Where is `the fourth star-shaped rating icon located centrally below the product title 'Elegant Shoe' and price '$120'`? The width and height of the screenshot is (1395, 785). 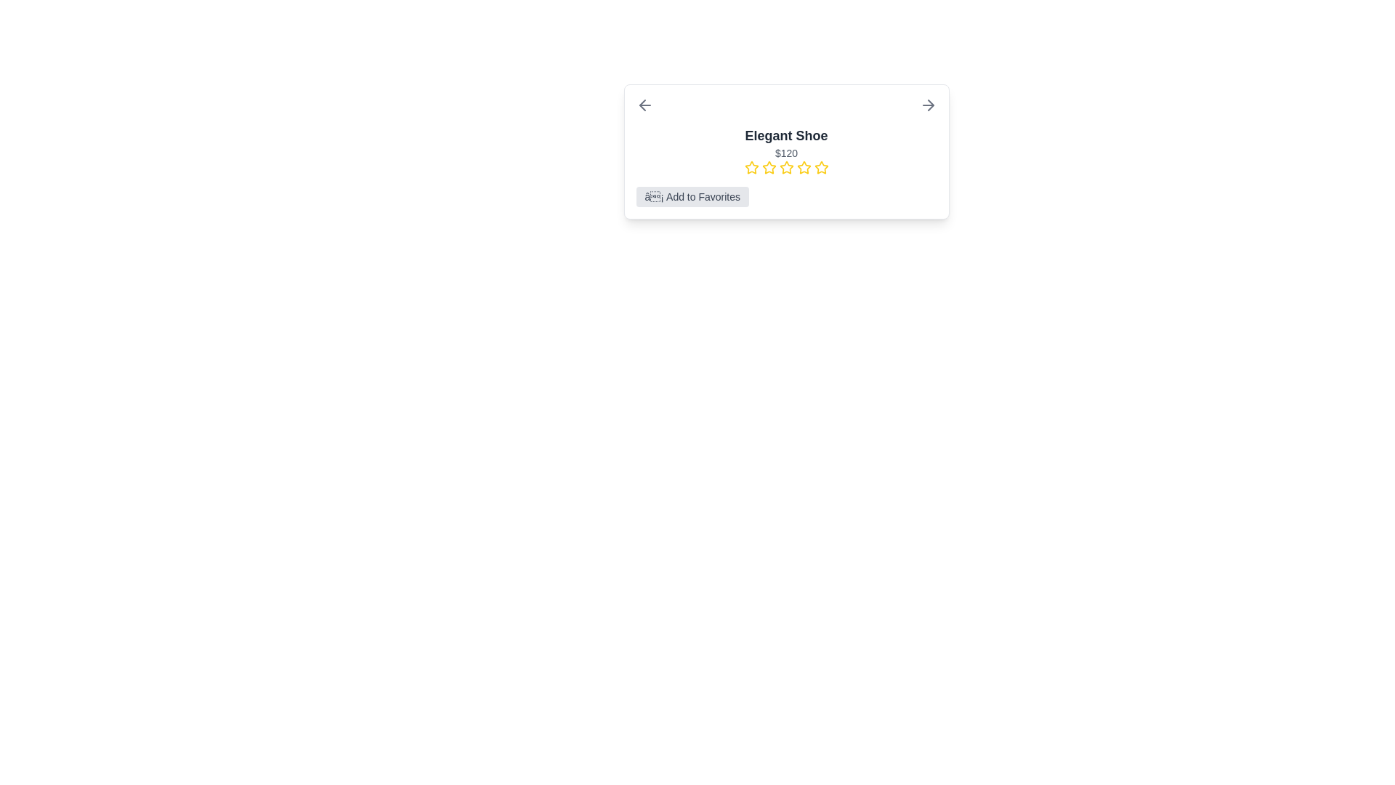
the fourth star-shaped rating icon located centrally below the product title 'Elegant Shoe' and price '$120' is located at coordinates (803, 166).